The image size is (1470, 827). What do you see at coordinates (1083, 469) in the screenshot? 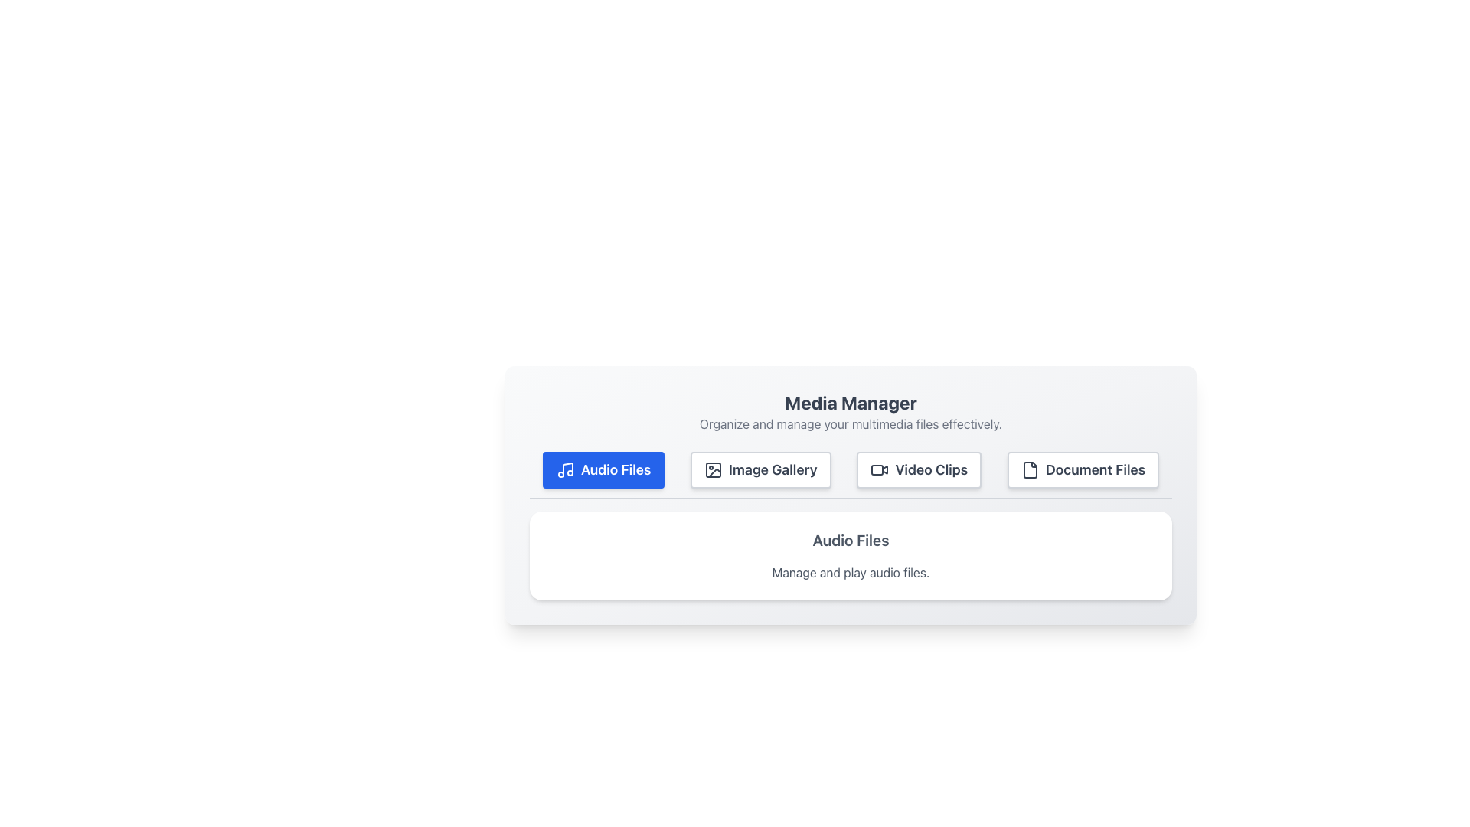
I see `the fourth button in the horizontal row of category buttons in the 'Media Manager' interface` at bounding box center [1083, 469].